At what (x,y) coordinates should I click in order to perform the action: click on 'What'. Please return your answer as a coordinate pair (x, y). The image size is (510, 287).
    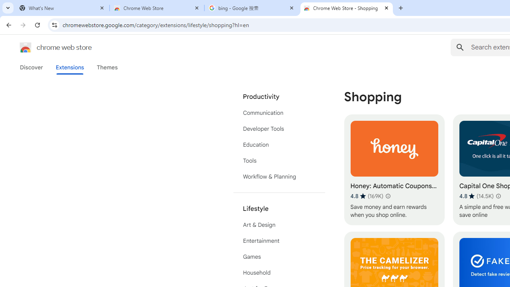
    Looking at the image, I should click on (62, 8).